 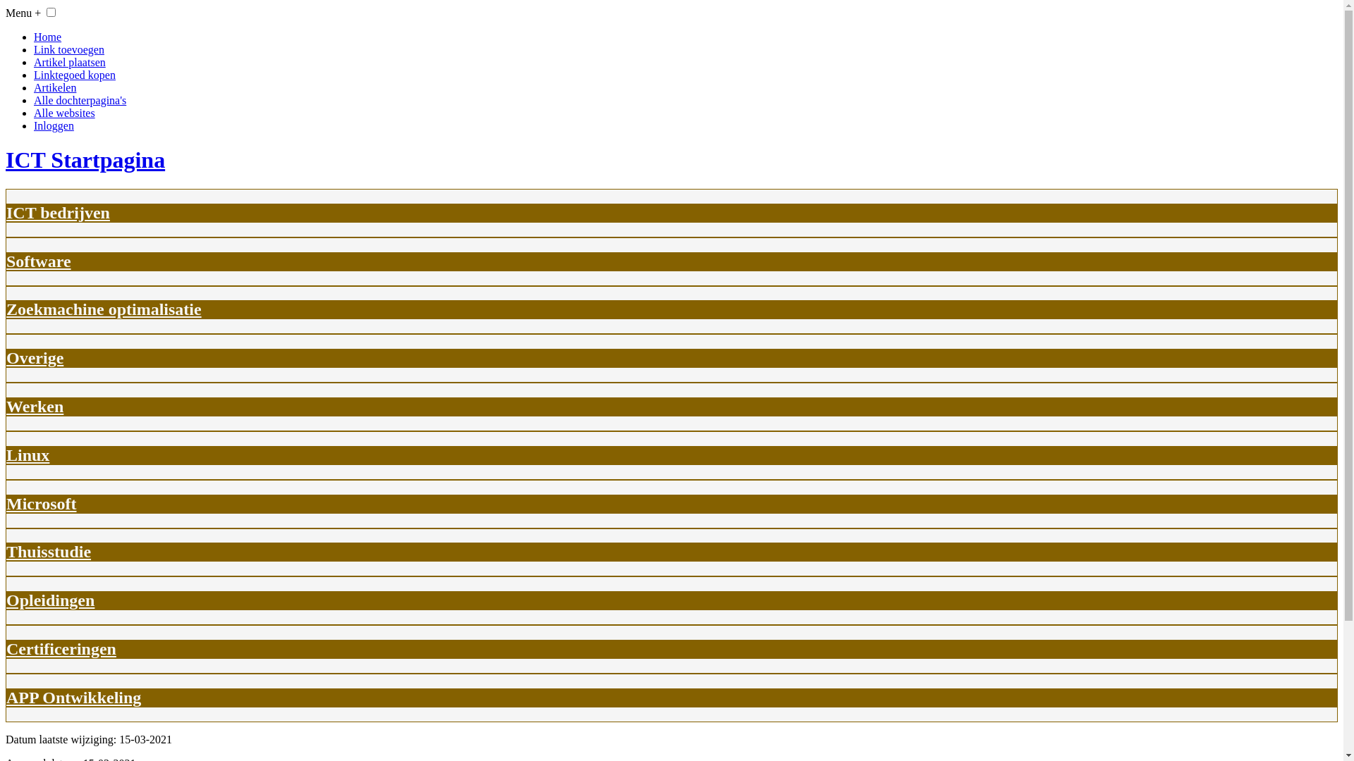 I want to click on 'Microsoft', so click(x=41, y=502).